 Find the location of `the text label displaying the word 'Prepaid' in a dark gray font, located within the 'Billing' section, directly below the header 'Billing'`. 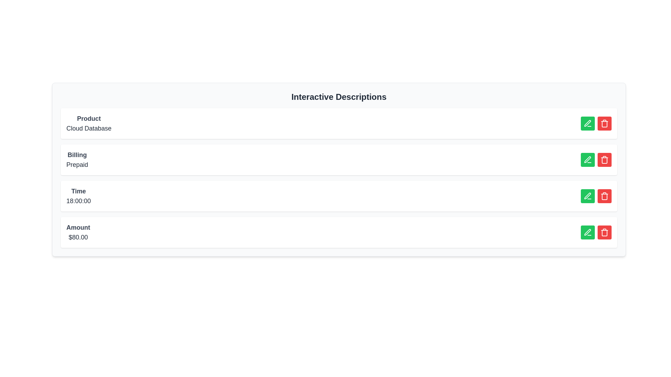

the text label displaying the word 'Prepaid' in a dark gray font, located within the 'Billing' section, directly below the header 'Billing' is located at coordinates (77, 164).